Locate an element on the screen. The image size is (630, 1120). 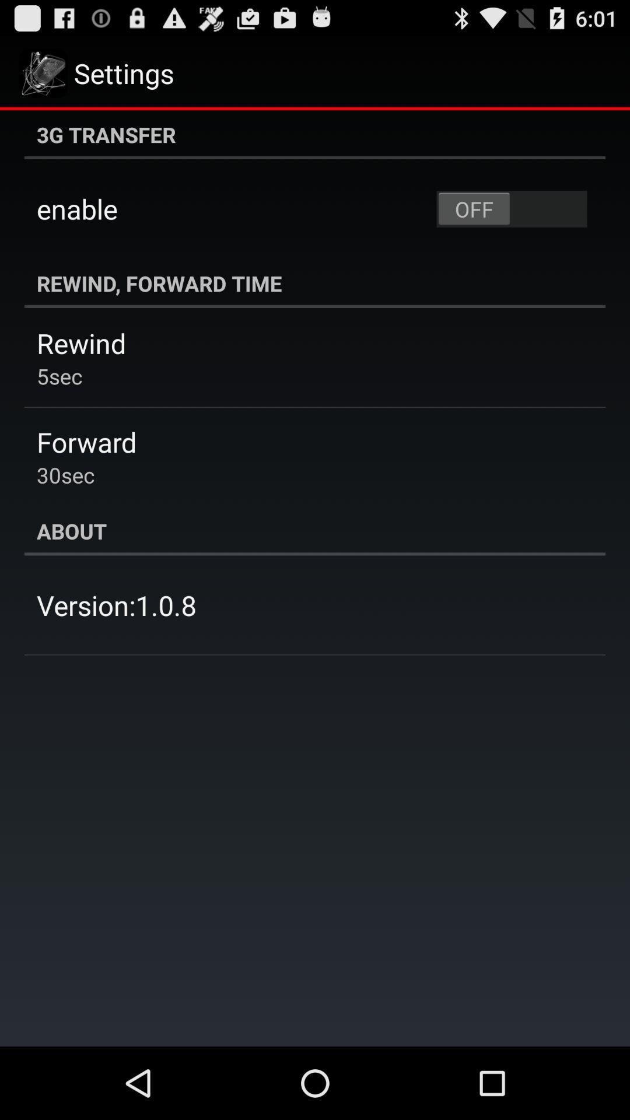
the icon next to enable app is located at coordinates (511, 209).